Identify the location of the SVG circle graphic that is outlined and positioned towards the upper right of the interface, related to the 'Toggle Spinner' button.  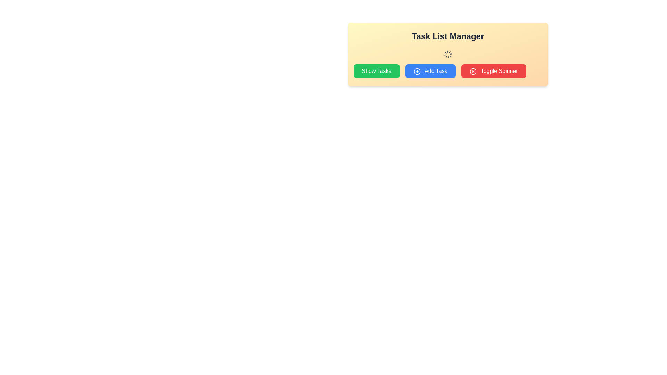
(472, 71).